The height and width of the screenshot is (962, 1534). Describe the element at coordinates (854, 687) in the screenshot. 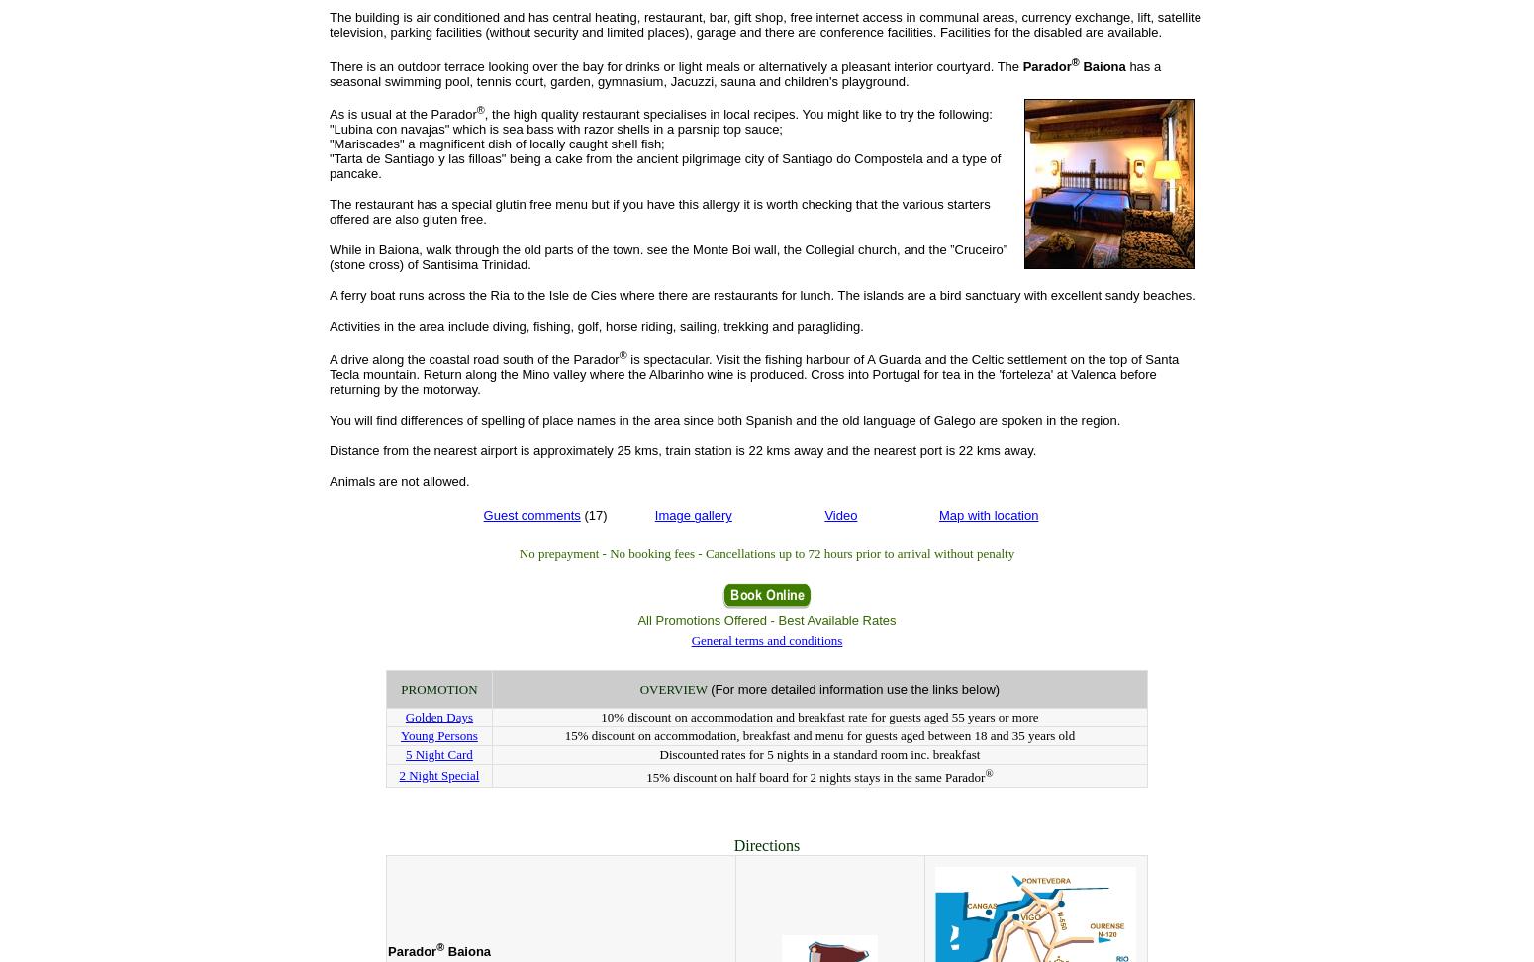

I see `'(For more detailed information use the links below)'` at that location.